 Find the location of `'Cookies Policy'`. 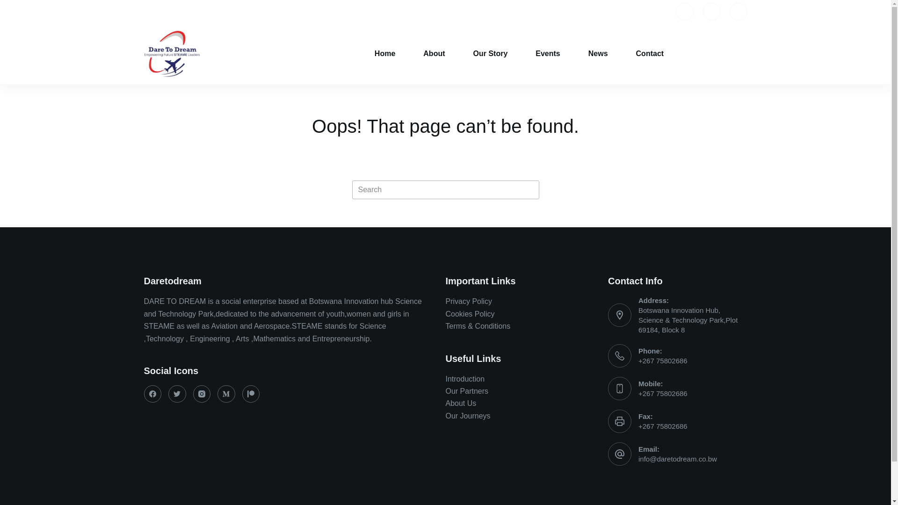

'Cookies Policy' is located at coordinates (444, 314).